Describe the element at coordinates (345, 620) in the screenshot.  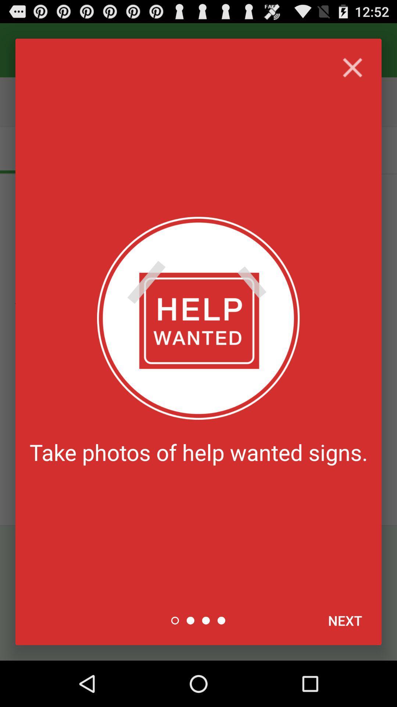
I see `the icon below take photos of icon` at that location.